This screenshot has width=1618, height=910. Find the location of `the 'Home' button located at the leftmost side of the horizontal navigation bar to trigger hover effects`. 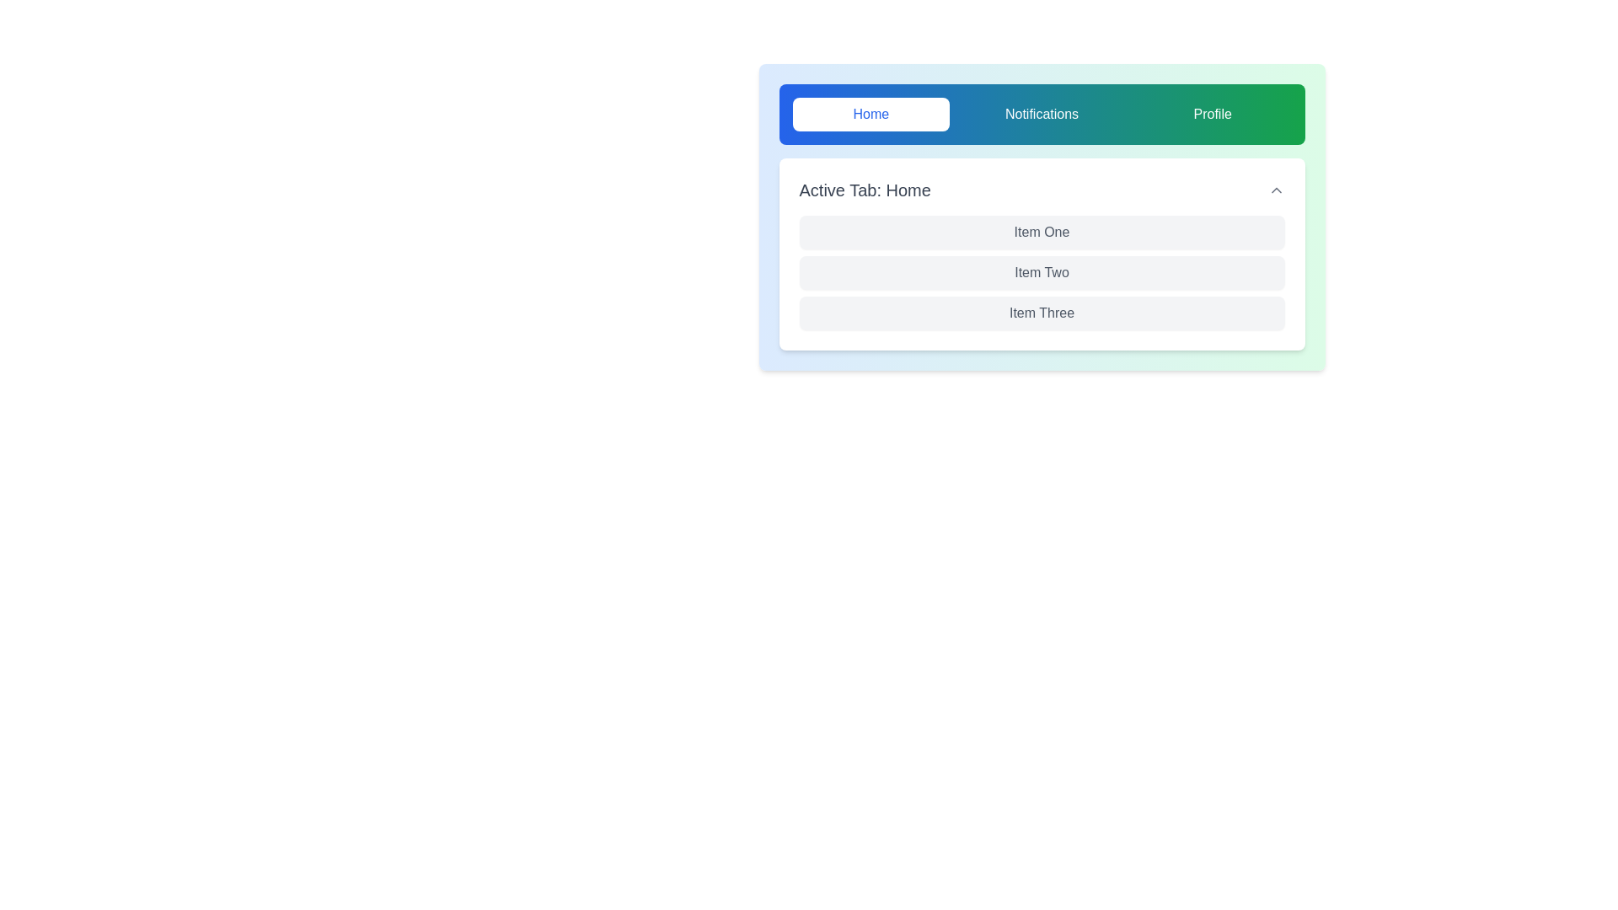

the 'Home' button located at the leftmost side of the horizontal navigation bar to trigger hover effects is located at coordinates (871, 114).